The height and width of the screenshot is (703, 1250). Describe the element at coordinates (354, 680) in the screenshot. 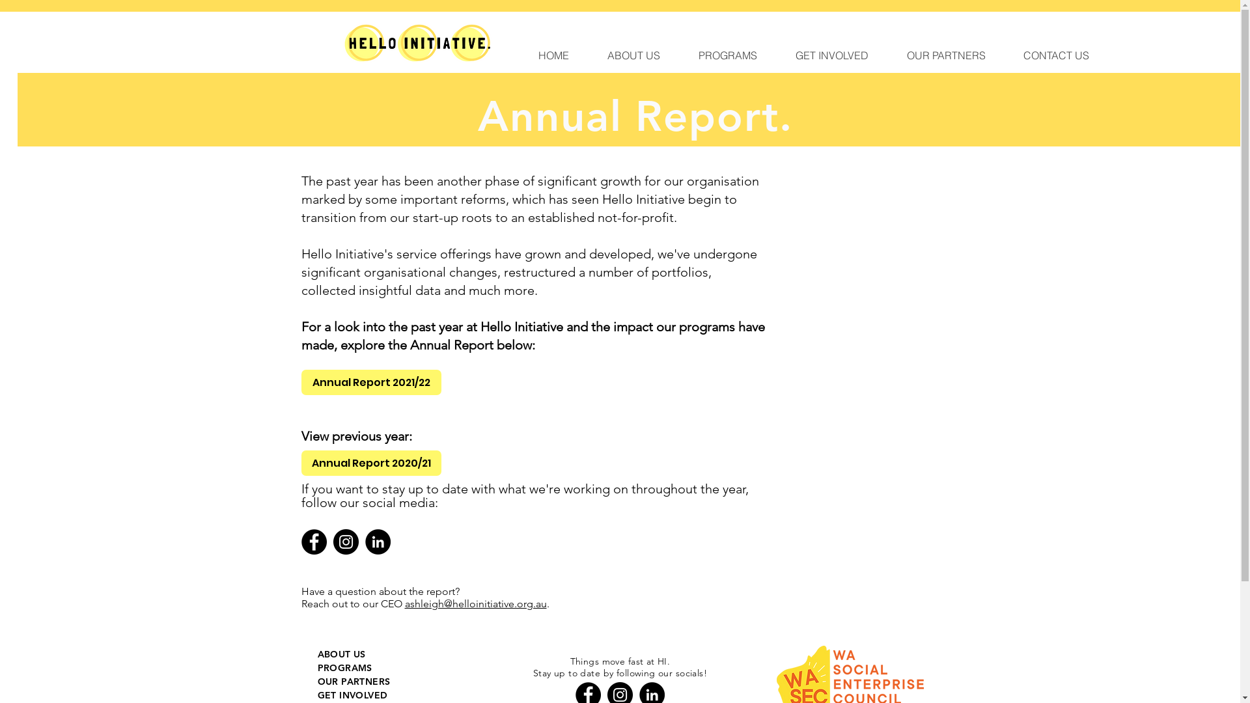

I see `'OUR PARTNERS'` at that location.